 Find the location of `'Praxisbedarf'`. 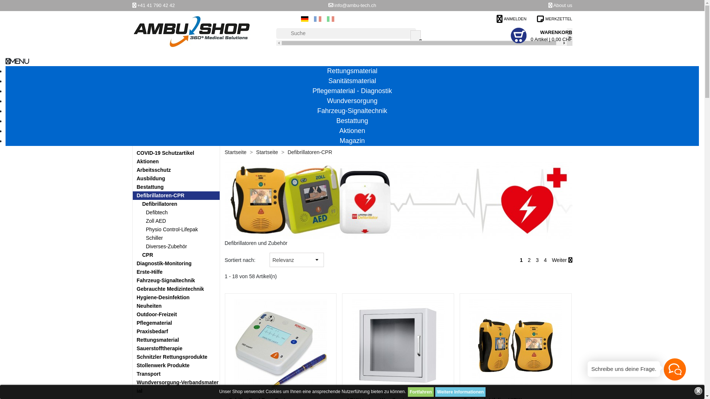

'Praxisbedarf' is located at coordinates (132, 331).